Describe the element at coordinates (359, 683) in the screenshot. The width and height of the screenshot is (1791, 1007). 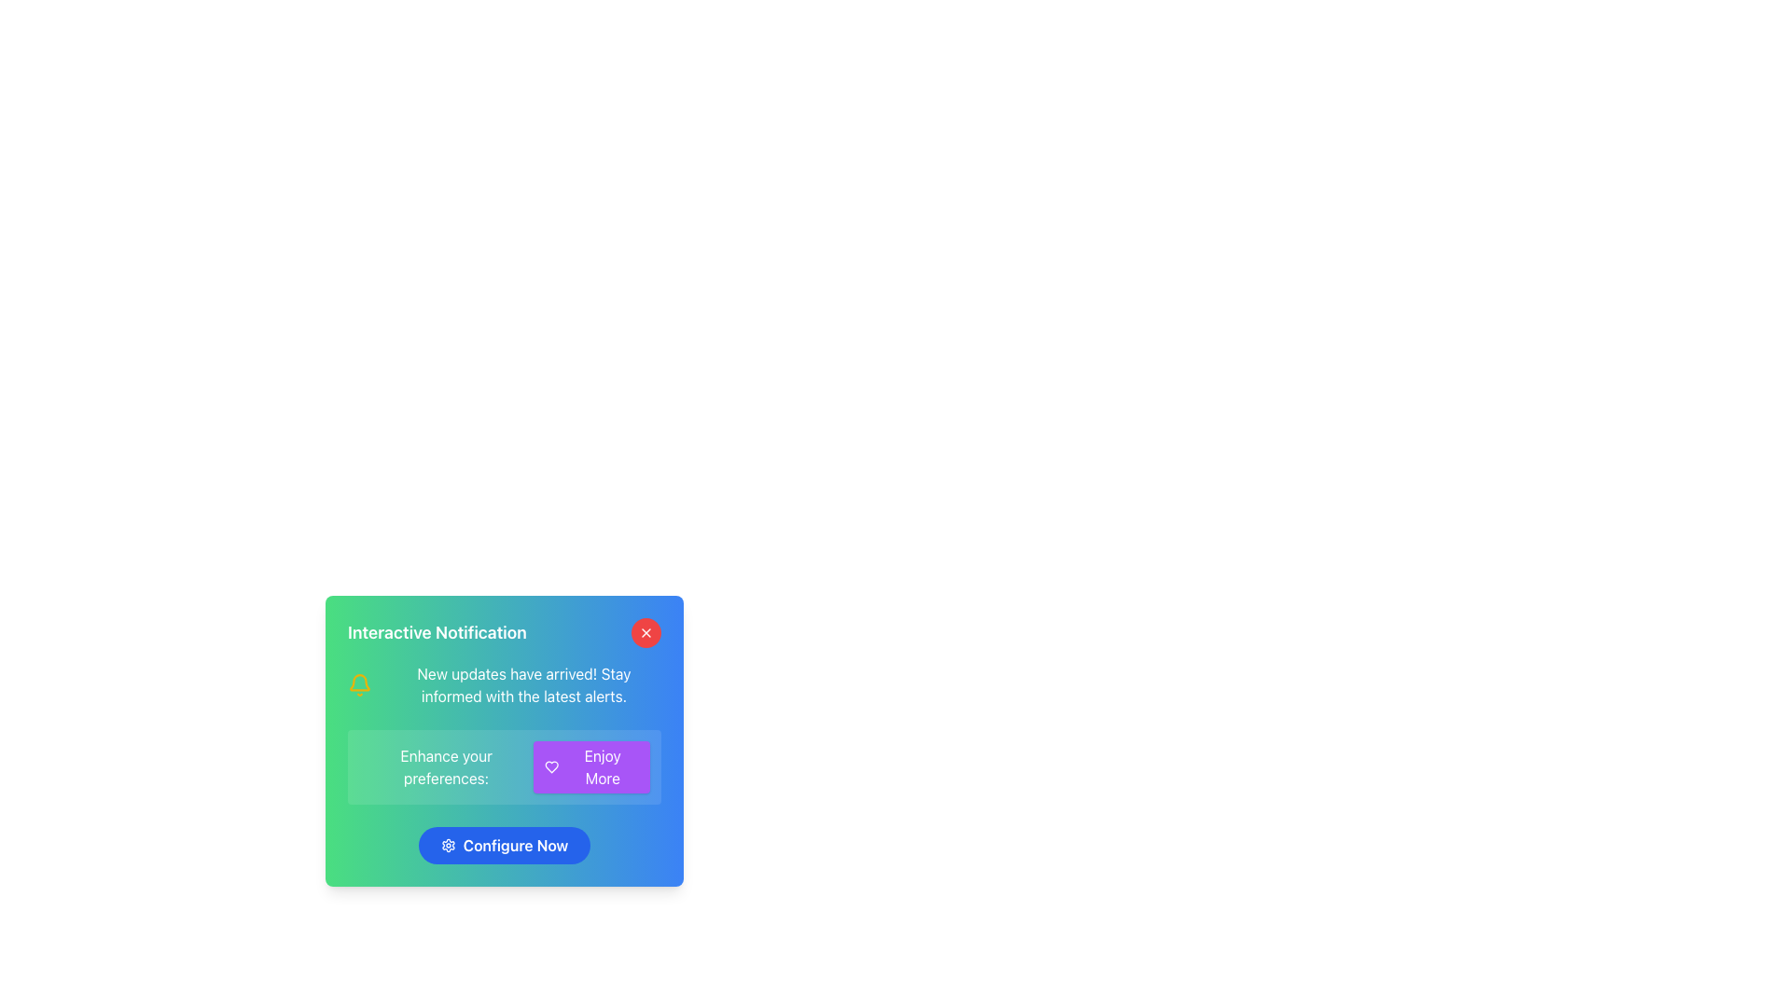
I see `the notification bell icon located at the top left corner of the notification card, which serves as a visual indicator for alerts` at that location.